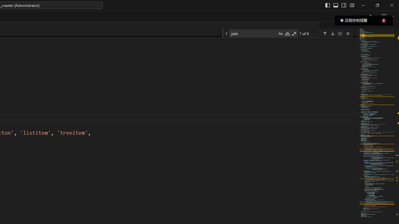  I want to click on 'Close (Escape)', so click(347, 34).